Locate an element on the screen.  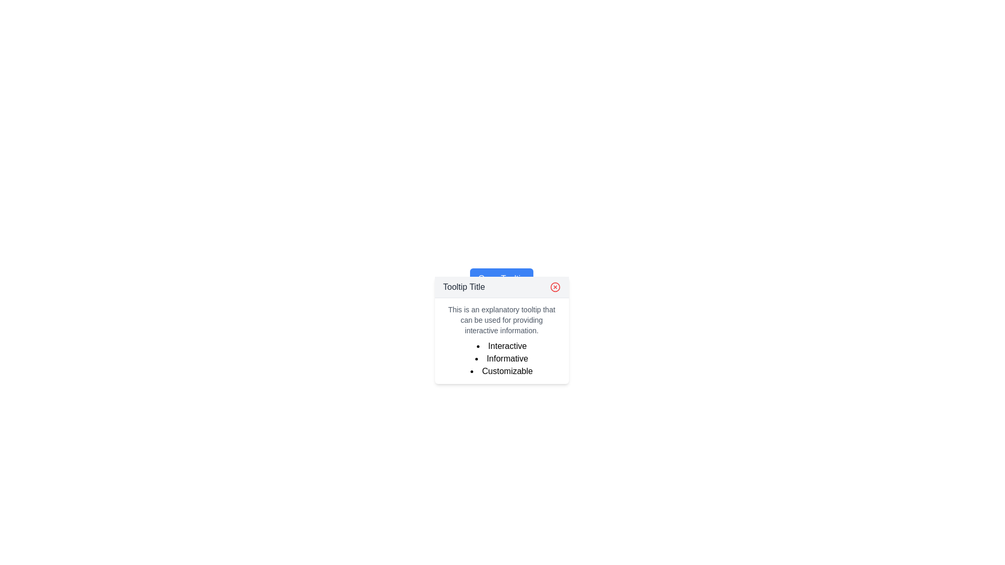
text of the first item in the vertical bulleted list which is 'Interactive', displayed in bold black font within the tooltip titled 'Tooltip Title' is located at coordinates (501, 346).